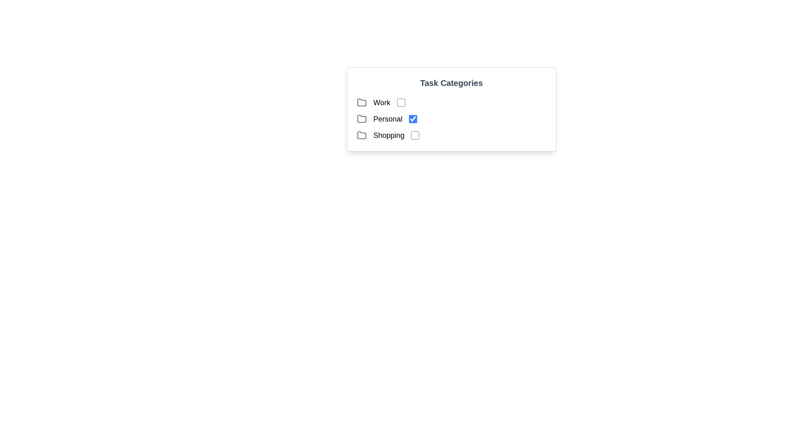 The image size is (786, 442). I want to click on the Folder icon located to the left of the 'Work' label in the task categories interface, so click(361, 102).